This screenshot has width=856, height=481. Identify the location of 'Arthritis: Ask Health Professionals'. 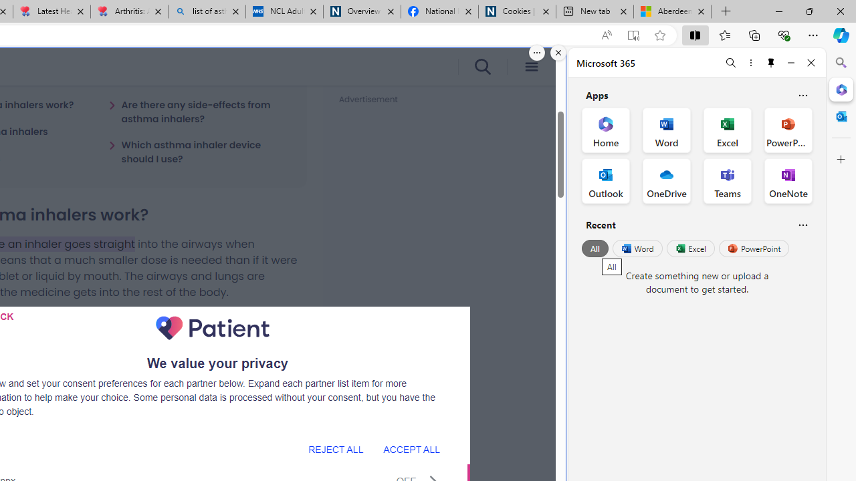
(129, 11).